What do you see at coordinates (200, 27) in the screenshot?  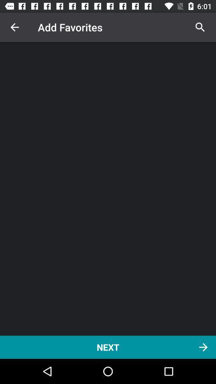 I see `icon next to add favorites item` at bounding box center [200, 27].